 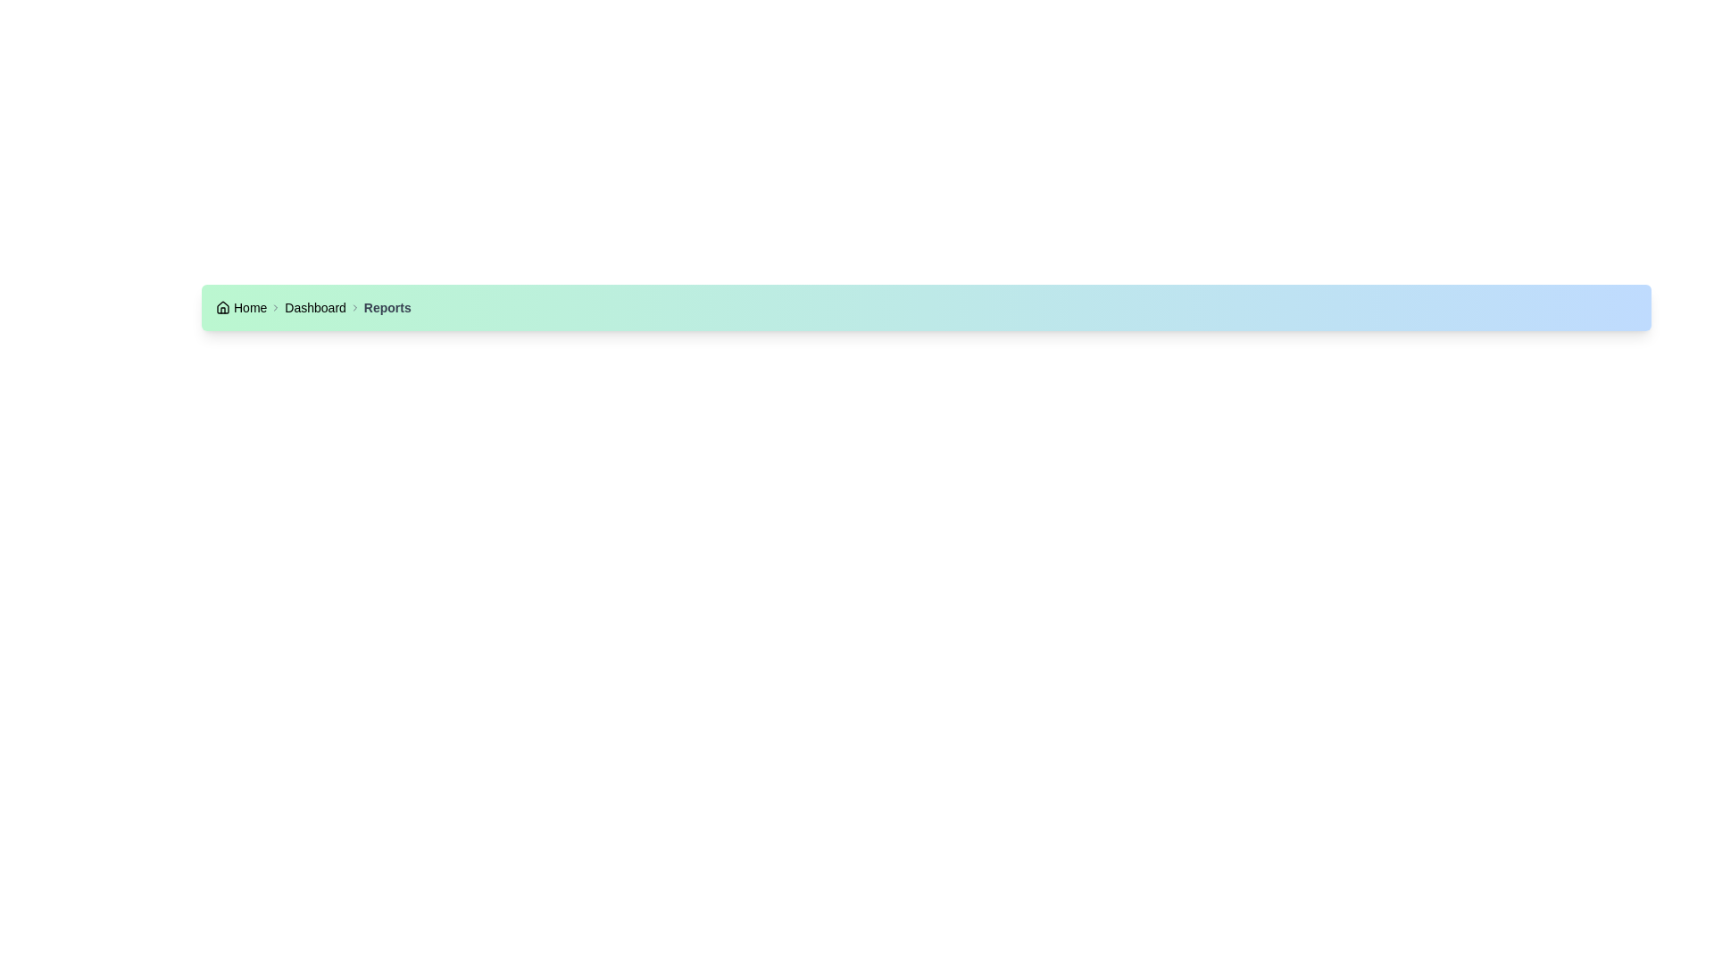 What do you see at coordinates (221, 306) in the screenshot?
I see `the 'Home' icon in the breadcrumb navigation bar` at bounding box center [221, 306].